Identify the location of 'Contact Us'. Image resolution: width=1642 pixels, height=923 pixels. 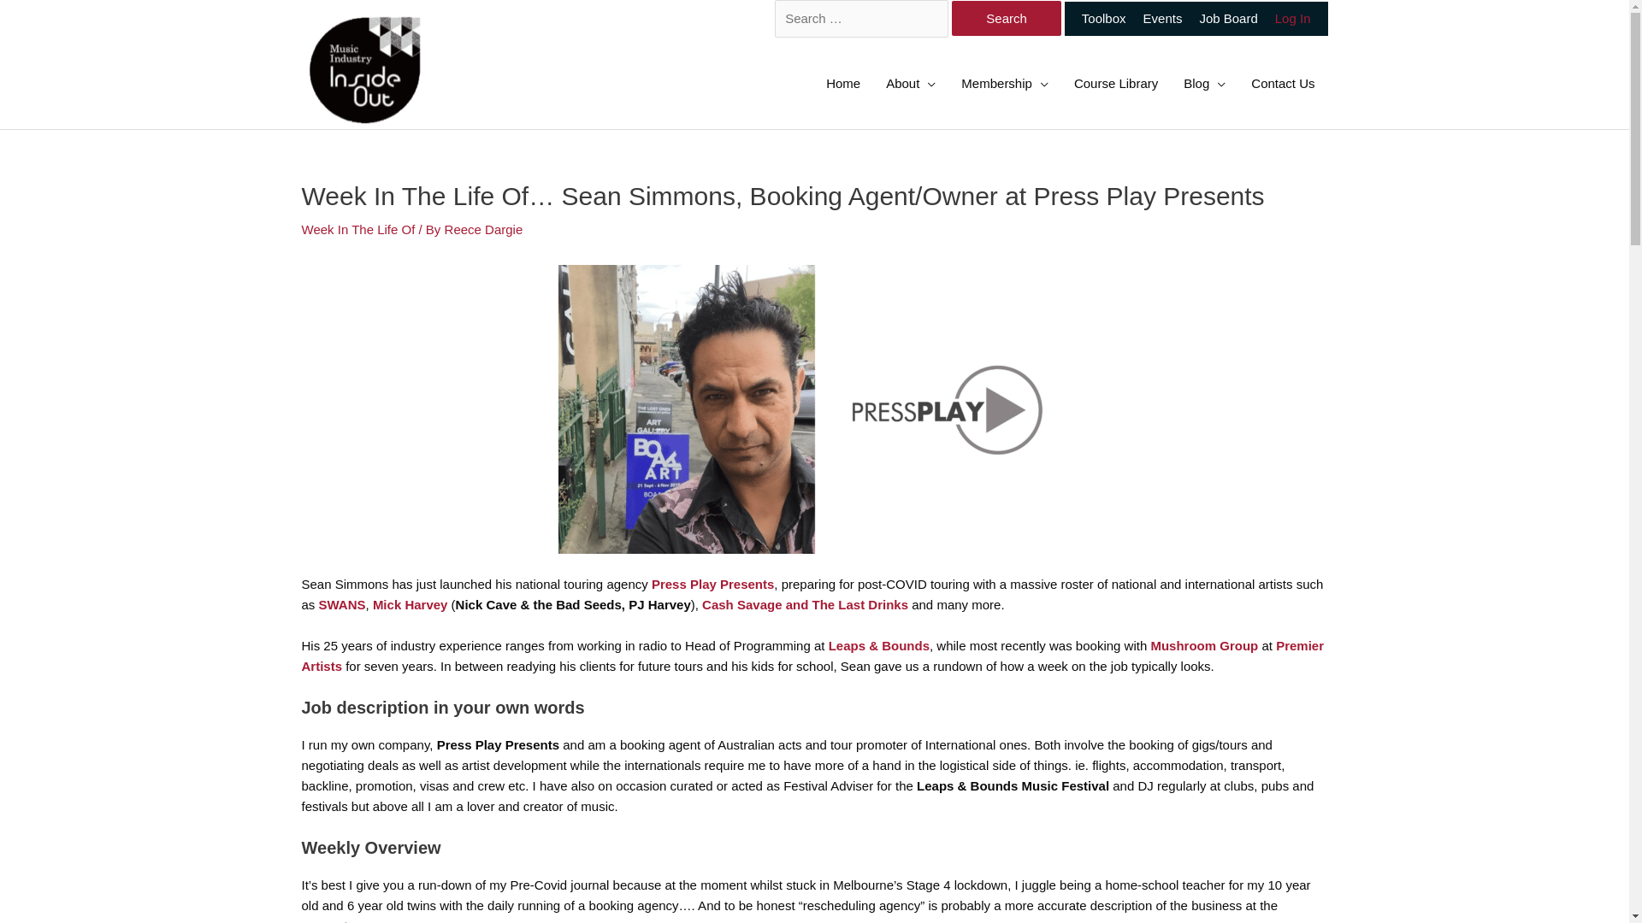
(1238, 83).